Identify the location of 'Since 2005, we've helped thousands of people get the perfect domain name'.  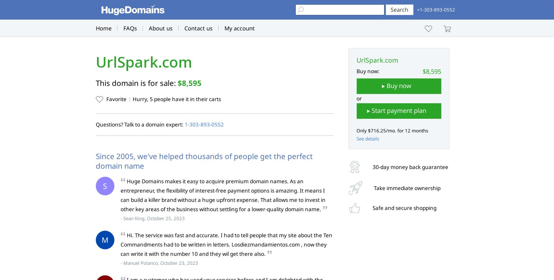
(203, 160).